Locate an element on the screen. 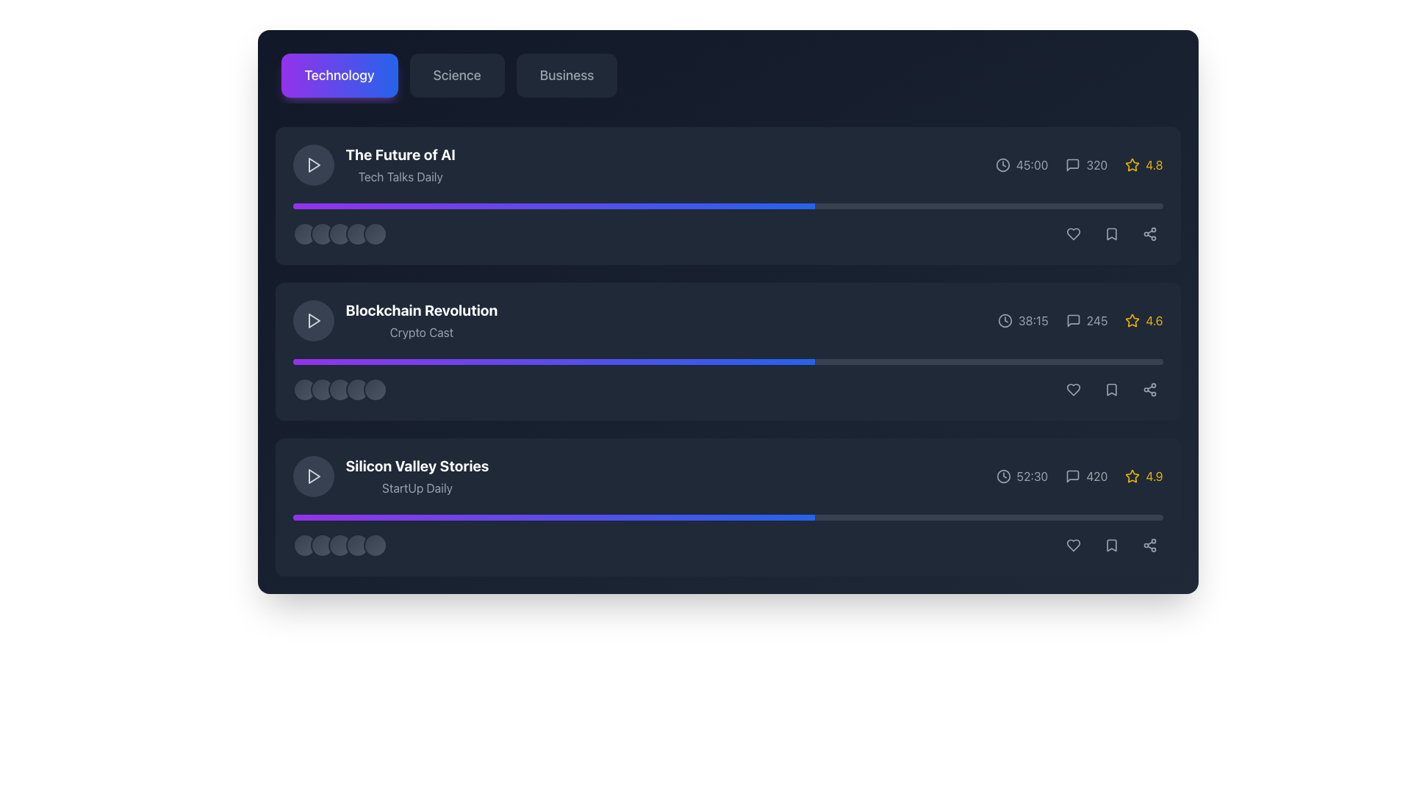 The image size is (1411, 793). the clock icon representing duration located before the text '38:15' in the second row of the list layout is located at coordinates (1005, 319).